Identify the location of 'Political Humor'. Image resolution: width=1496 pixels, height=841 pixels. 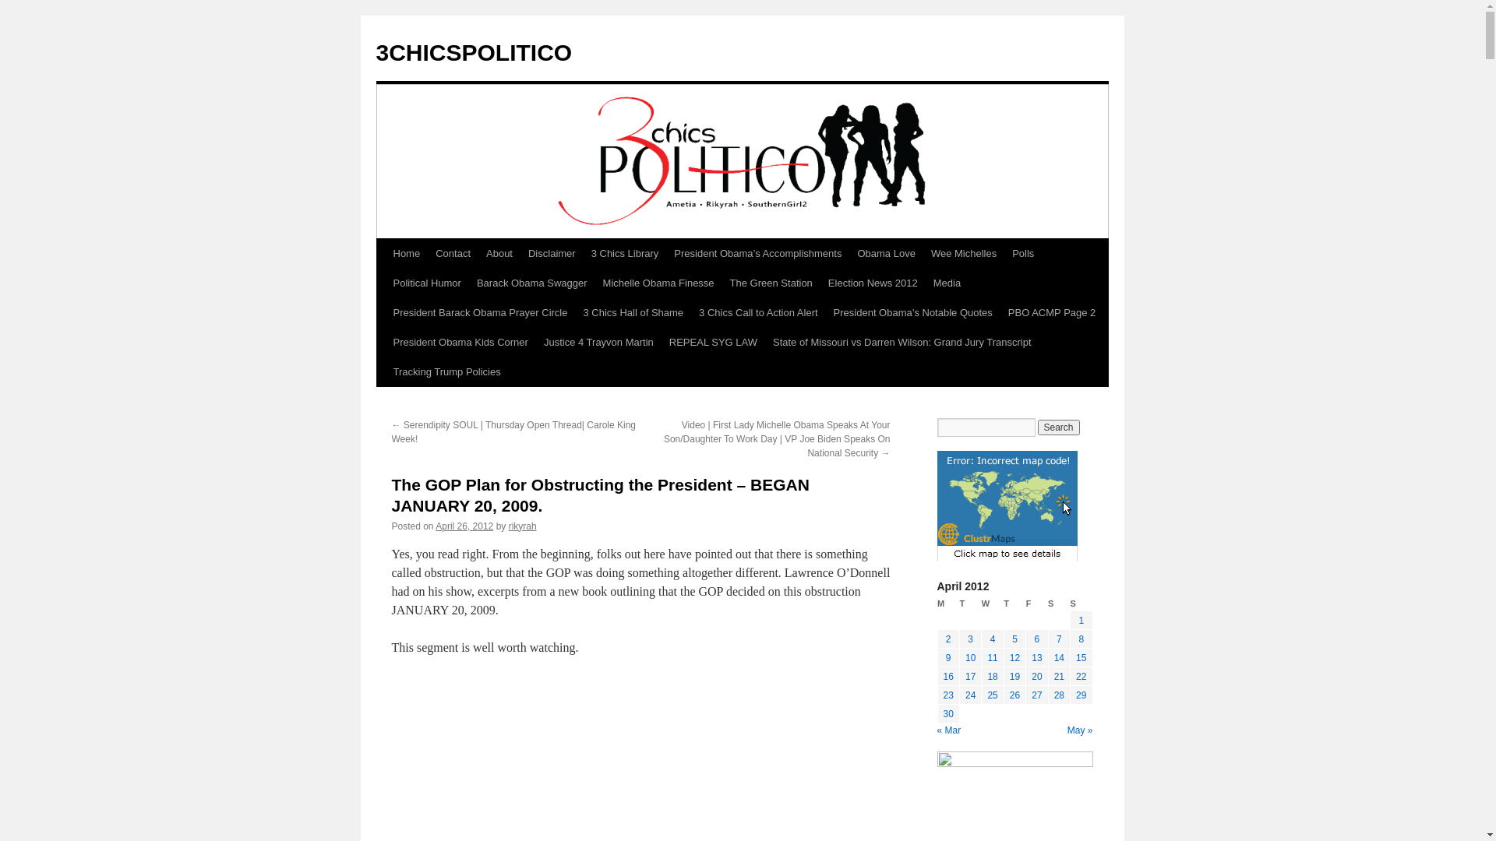
(426, 283).